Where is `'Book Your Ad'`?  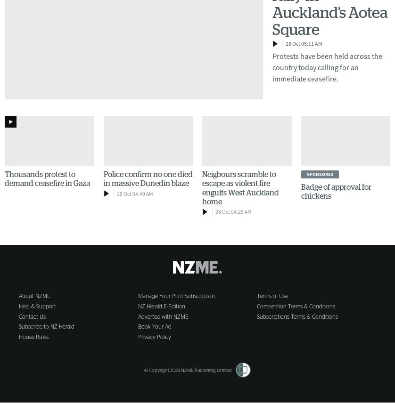 'Book Your Ad' is located at coordinates (154, 326).